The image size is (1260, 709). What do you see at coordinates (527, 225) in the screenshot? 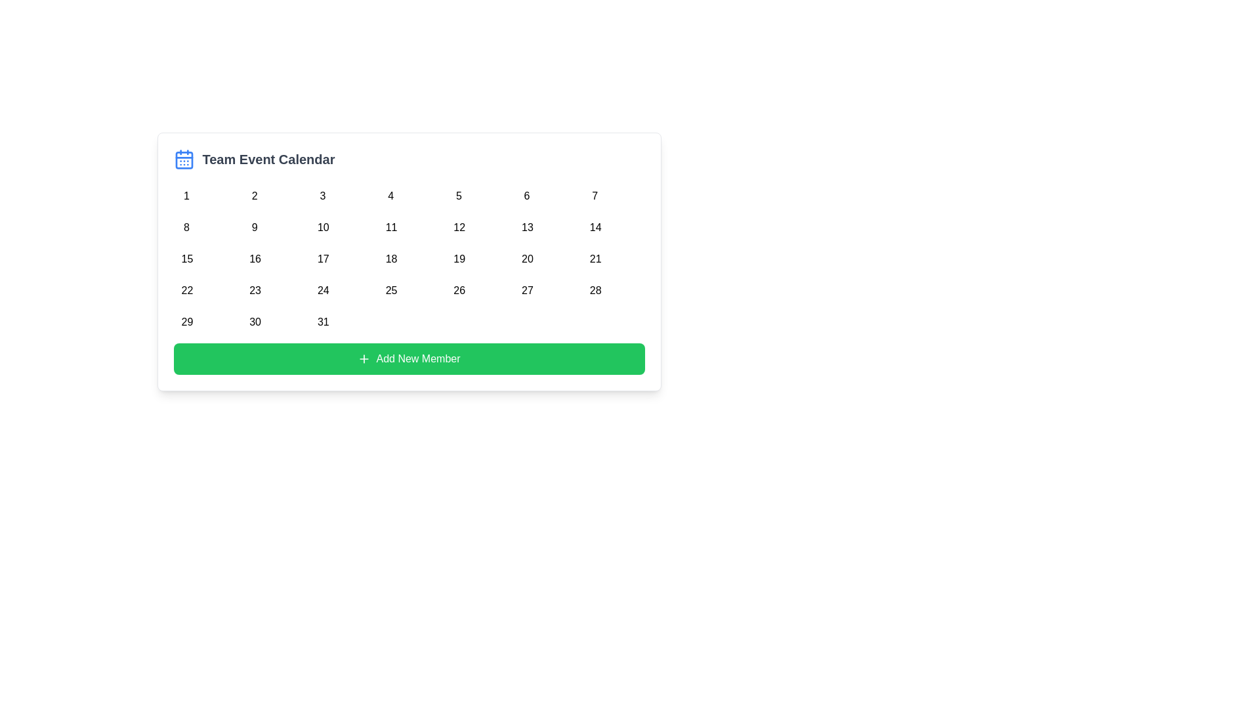
I see `the square-shaped button displaying the number '13' centered inside, located in the second row, sixth column of the calendar layout` at bounding box center [527, 225].